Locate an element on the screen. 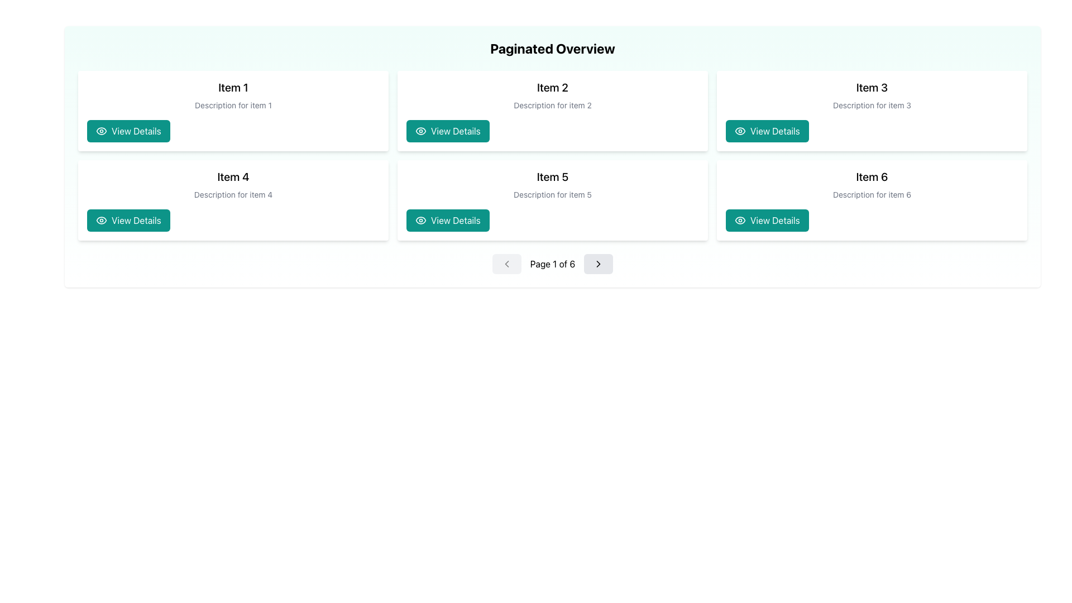 Image resolution: width=1072 pixels, height=603 pixels. the button that allows users is located at coordinates (448, 131).